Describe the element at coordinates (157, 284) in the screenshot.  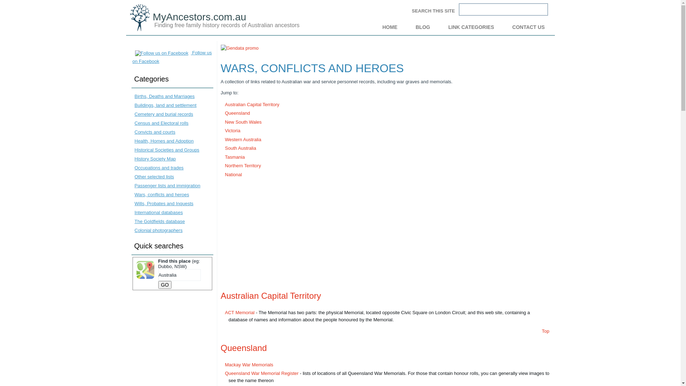
I see `'Go'` at that location.